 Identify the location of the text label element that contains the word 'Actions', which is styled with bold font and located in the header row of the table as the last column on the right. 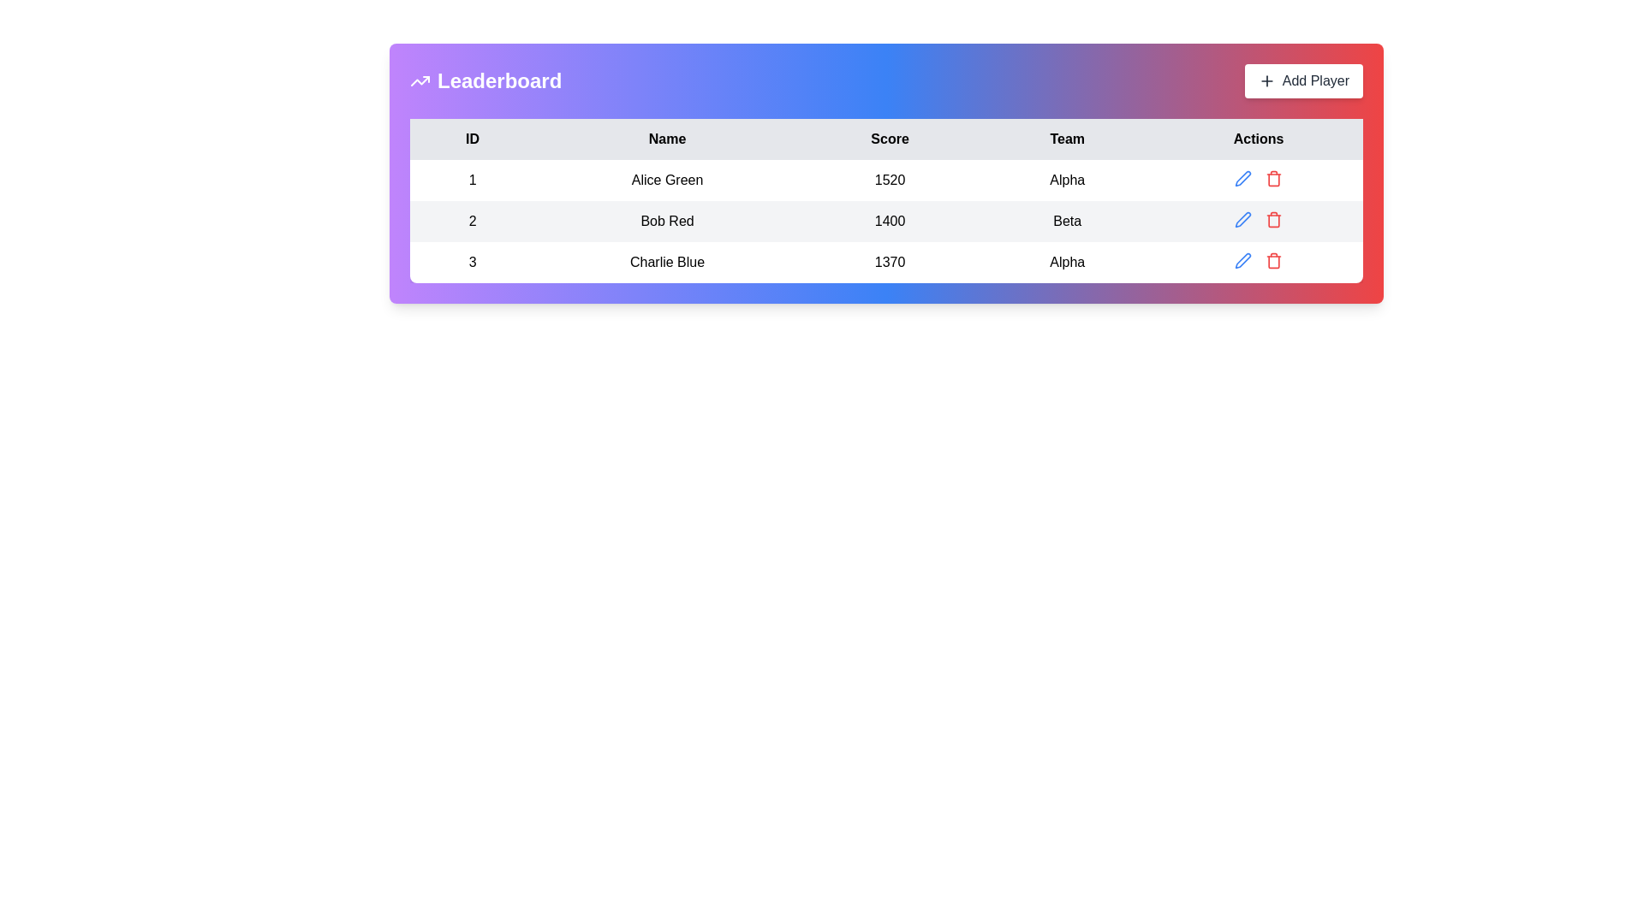
(1259, 138).